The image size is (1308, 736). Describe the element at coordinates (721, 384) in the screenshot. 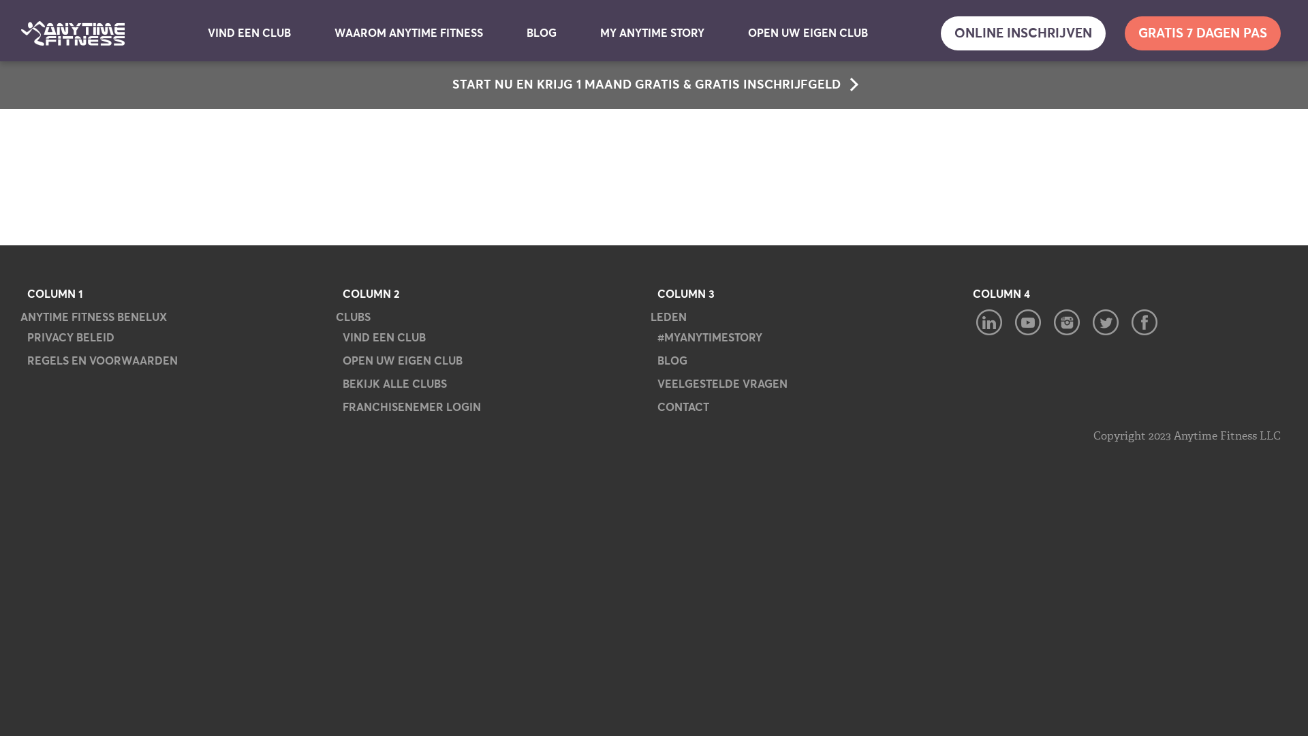

I see `'VEELGESTELDE VRAGEN'` at that location.